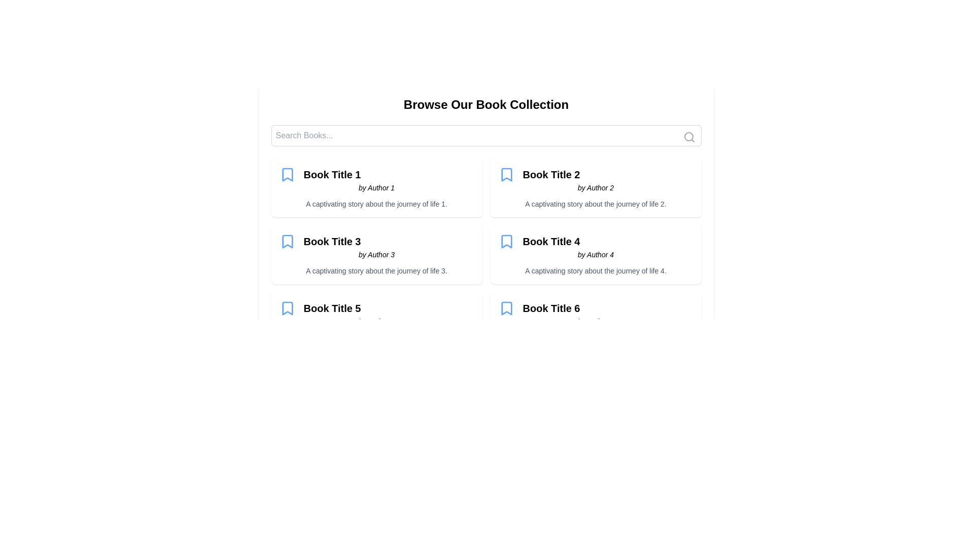 The width and height of the screenshot is (974, 547). I want to click on the author name text element located under 'Book Title 6' and above the book description, so click(596, 322).